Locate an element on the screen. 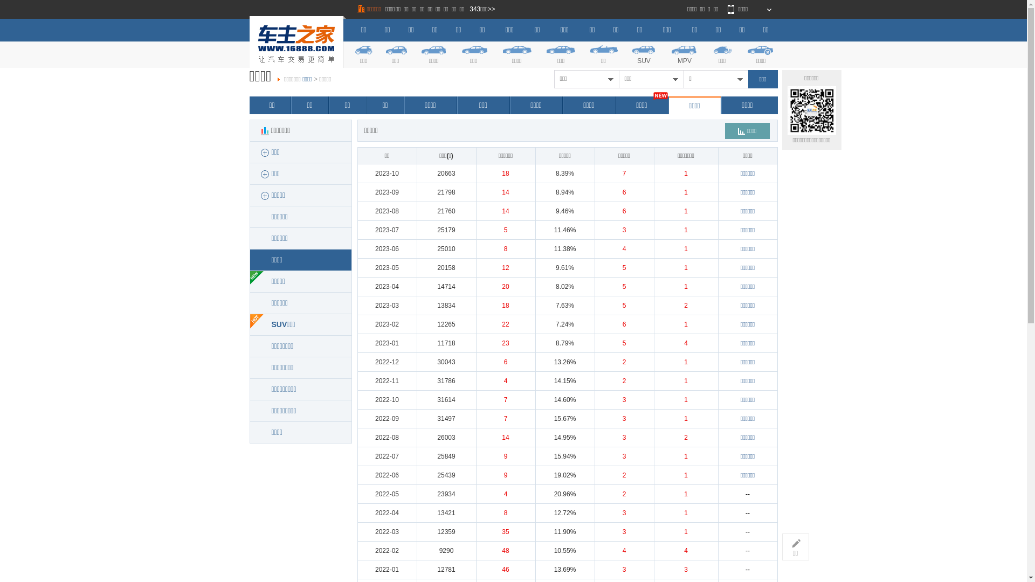 The height and width of the screenshot is (582, 1035). '7' is located at coordinates (505, 399).